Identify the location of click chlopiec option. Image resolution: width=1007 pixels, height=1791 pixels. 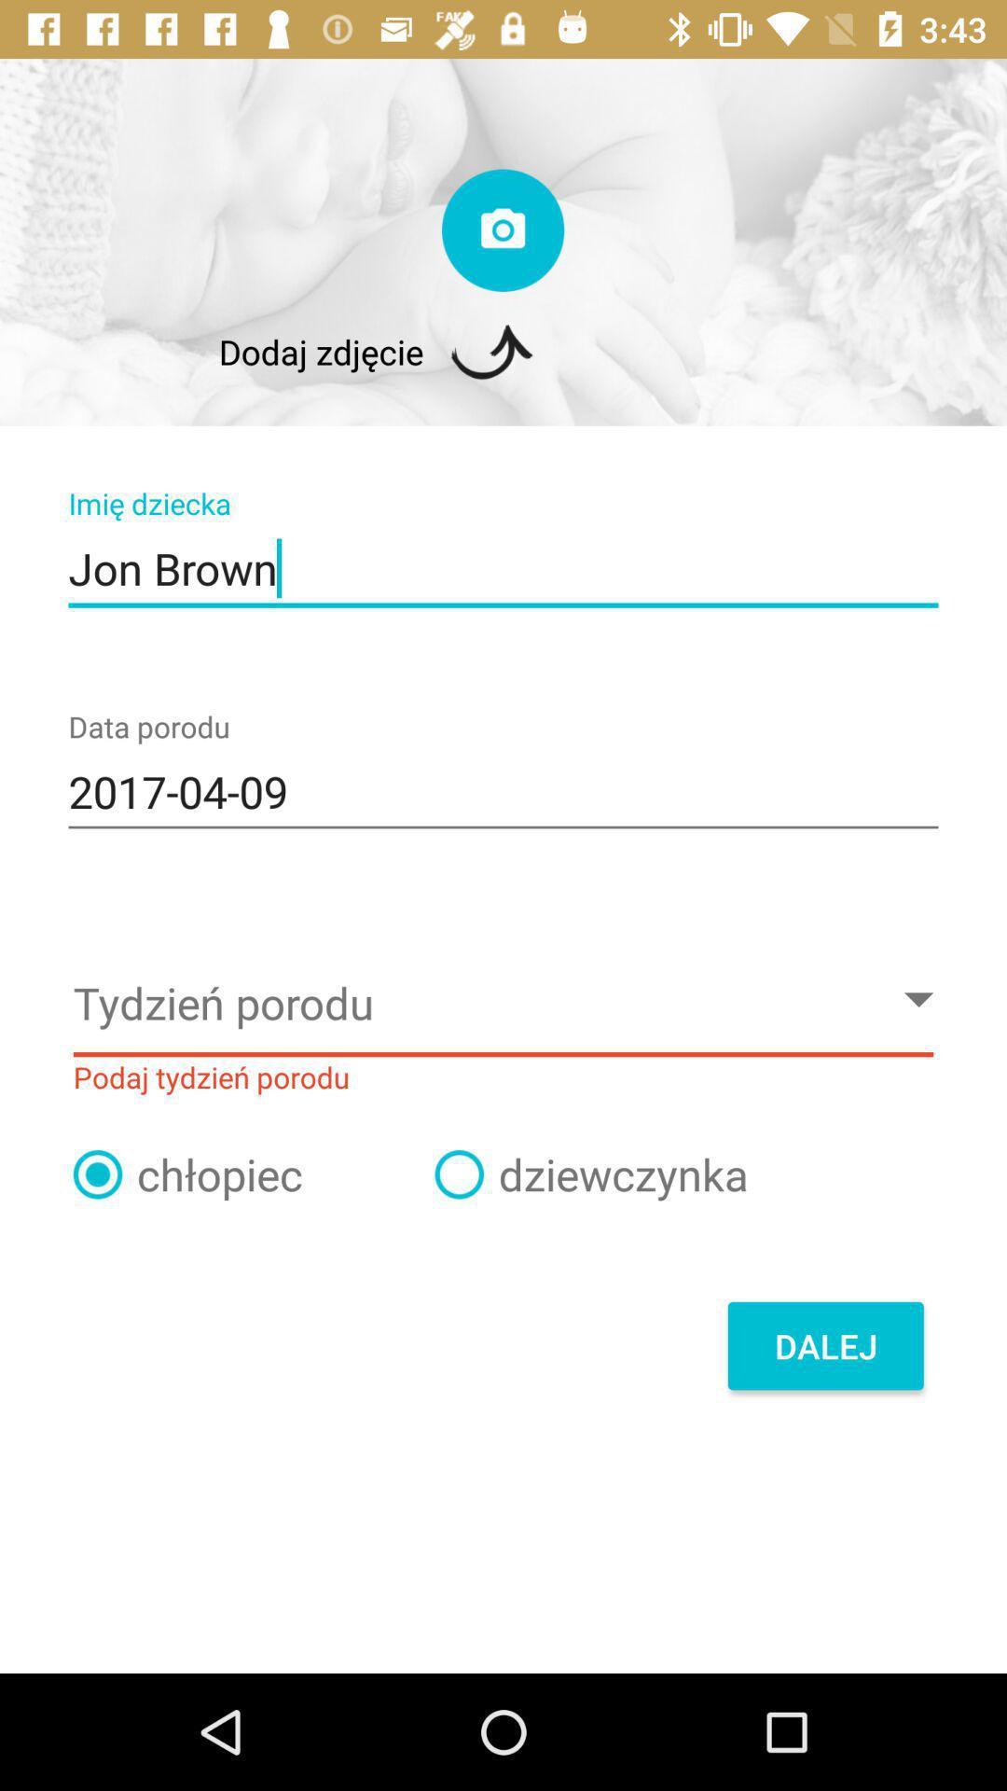
(97, 1173).